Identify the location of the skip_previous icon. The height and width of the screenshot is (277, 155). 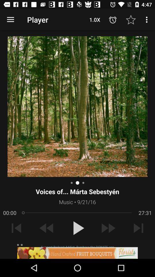
(16, 228).